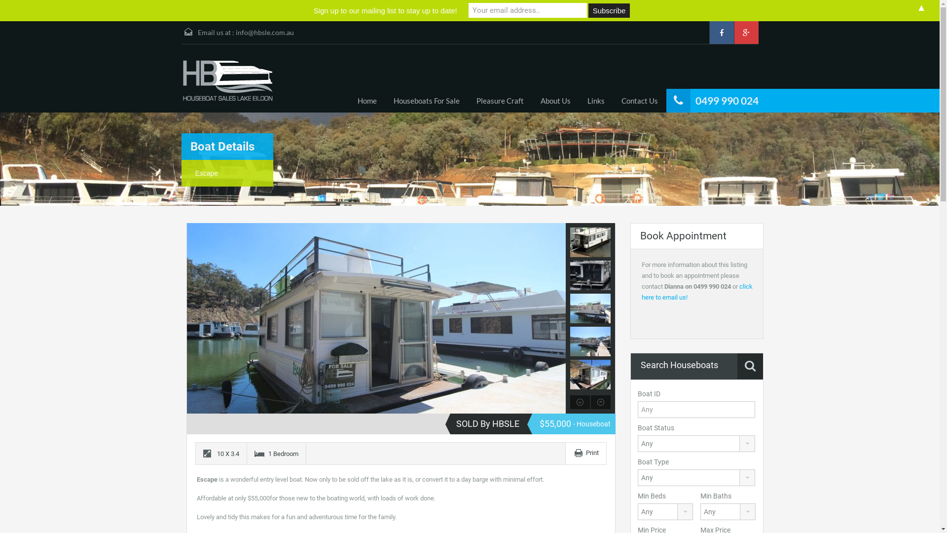  I want to click on 'Pleasure Craft', so click(467, 101).